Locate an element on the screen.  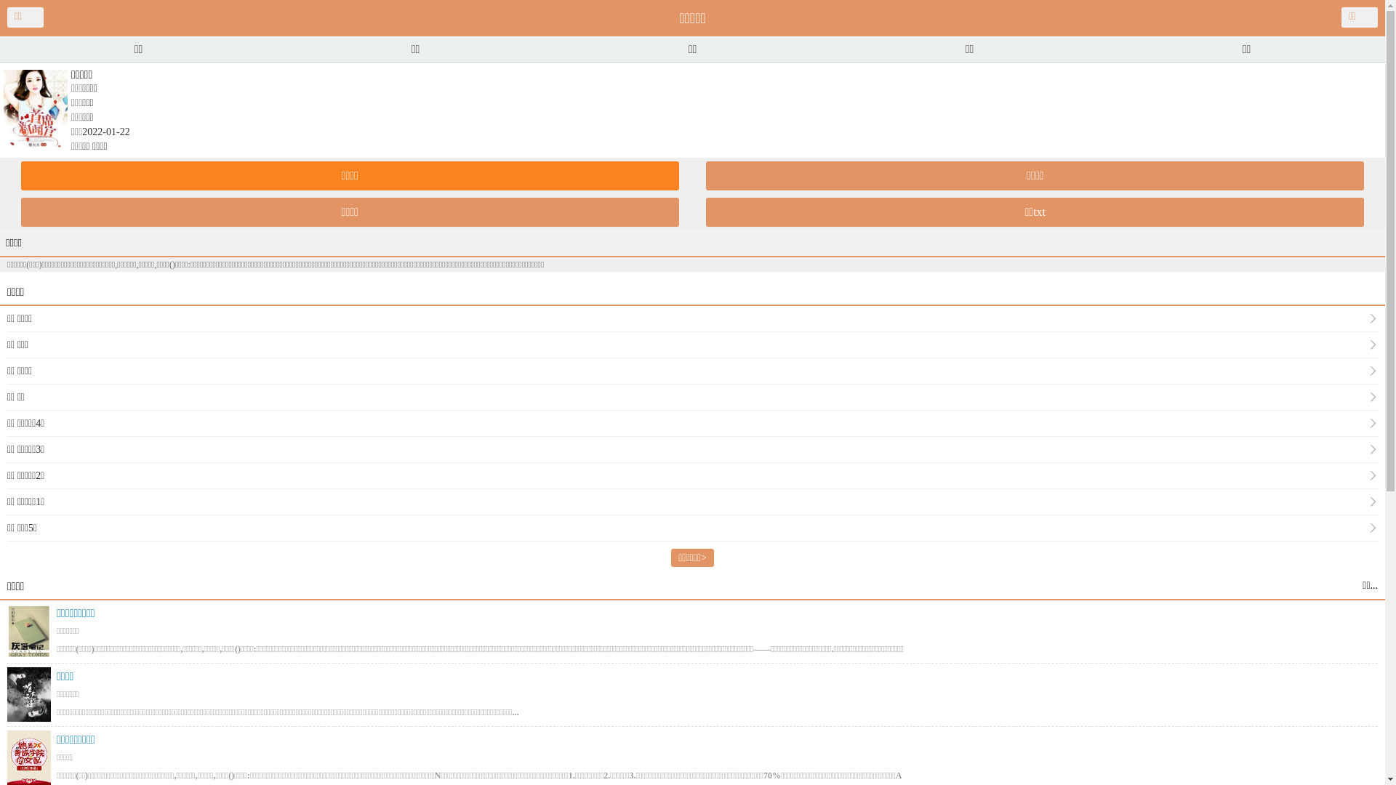
'2022-01-22' is located at coordinates (81, 132).